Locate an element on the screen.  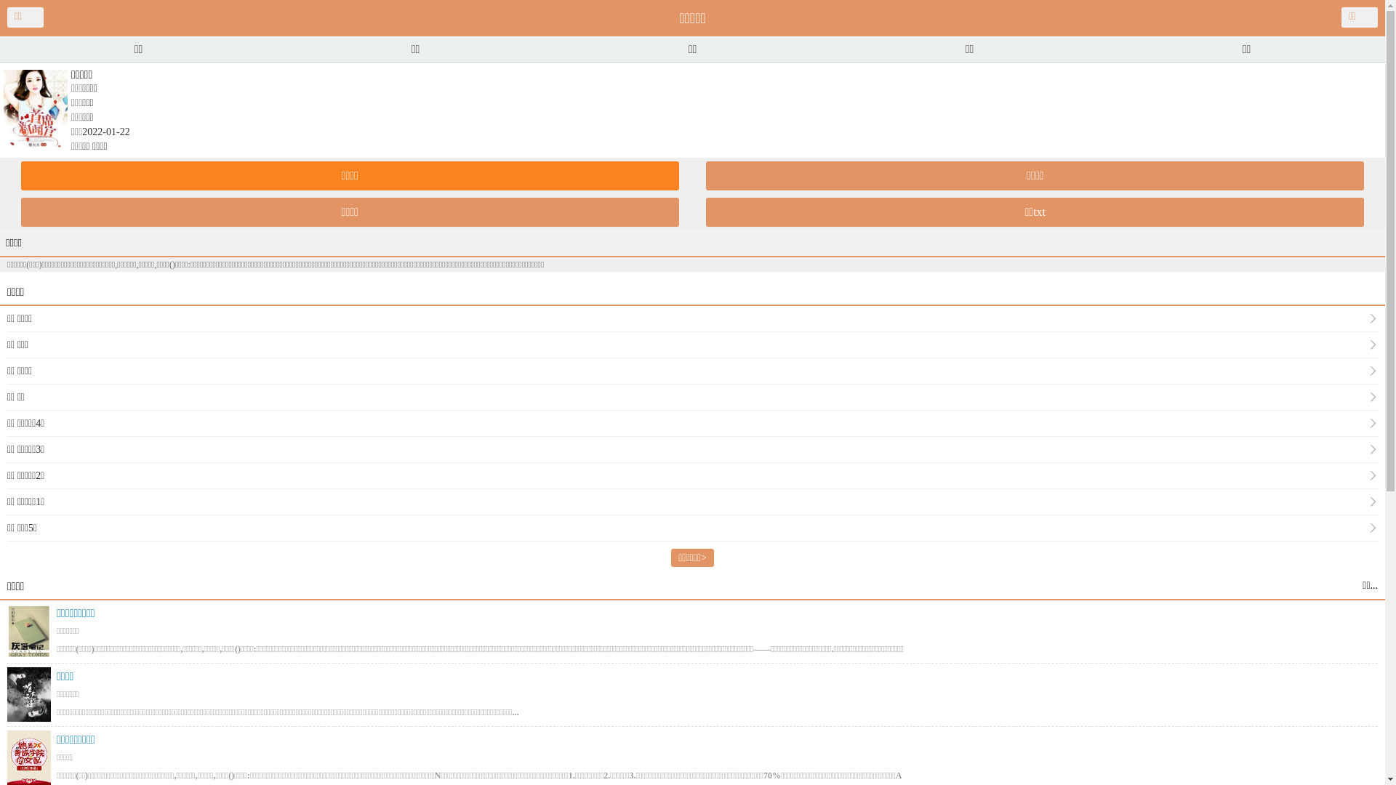
'2022-01-22' is located at coordinates (81, 132).